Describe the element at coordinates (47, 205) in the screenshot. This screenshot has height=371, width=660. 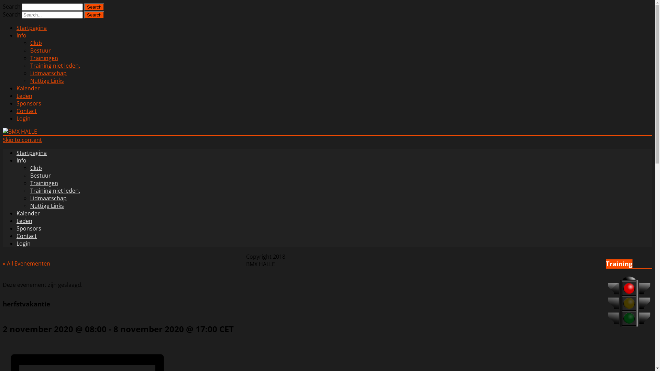
I see `'Nuttige Links'` at that location.